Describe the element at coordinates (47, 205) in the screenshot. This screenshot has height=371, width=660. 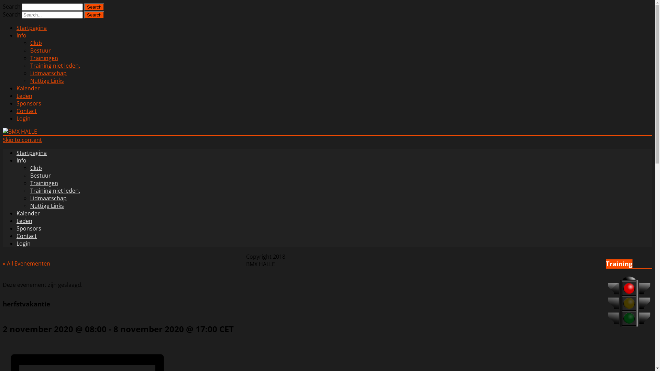
I see `'Nuttige Links'` at that location.